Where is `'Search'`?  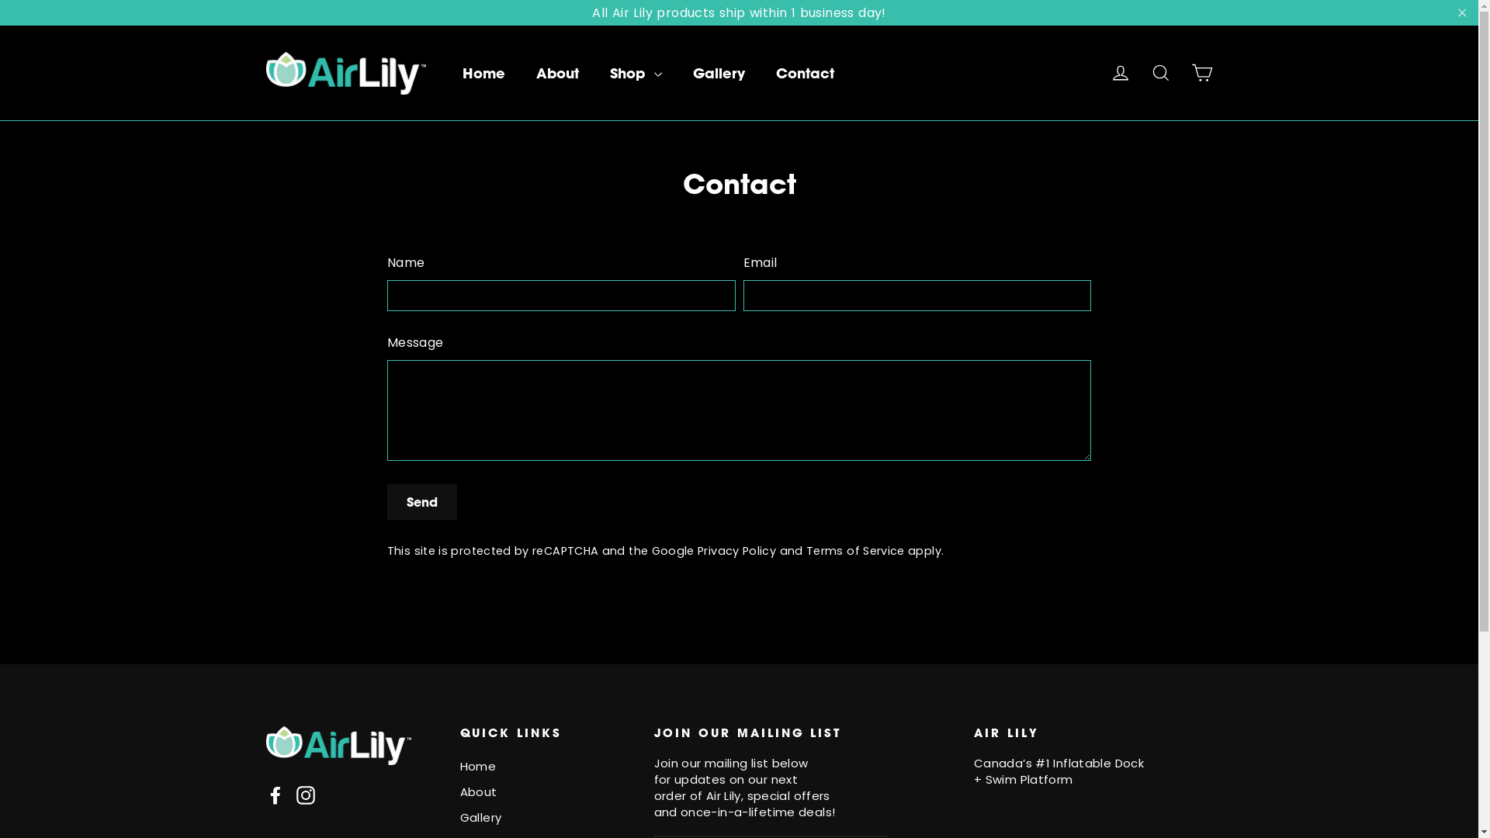 'Search' is located at coordinates (1161, 72).